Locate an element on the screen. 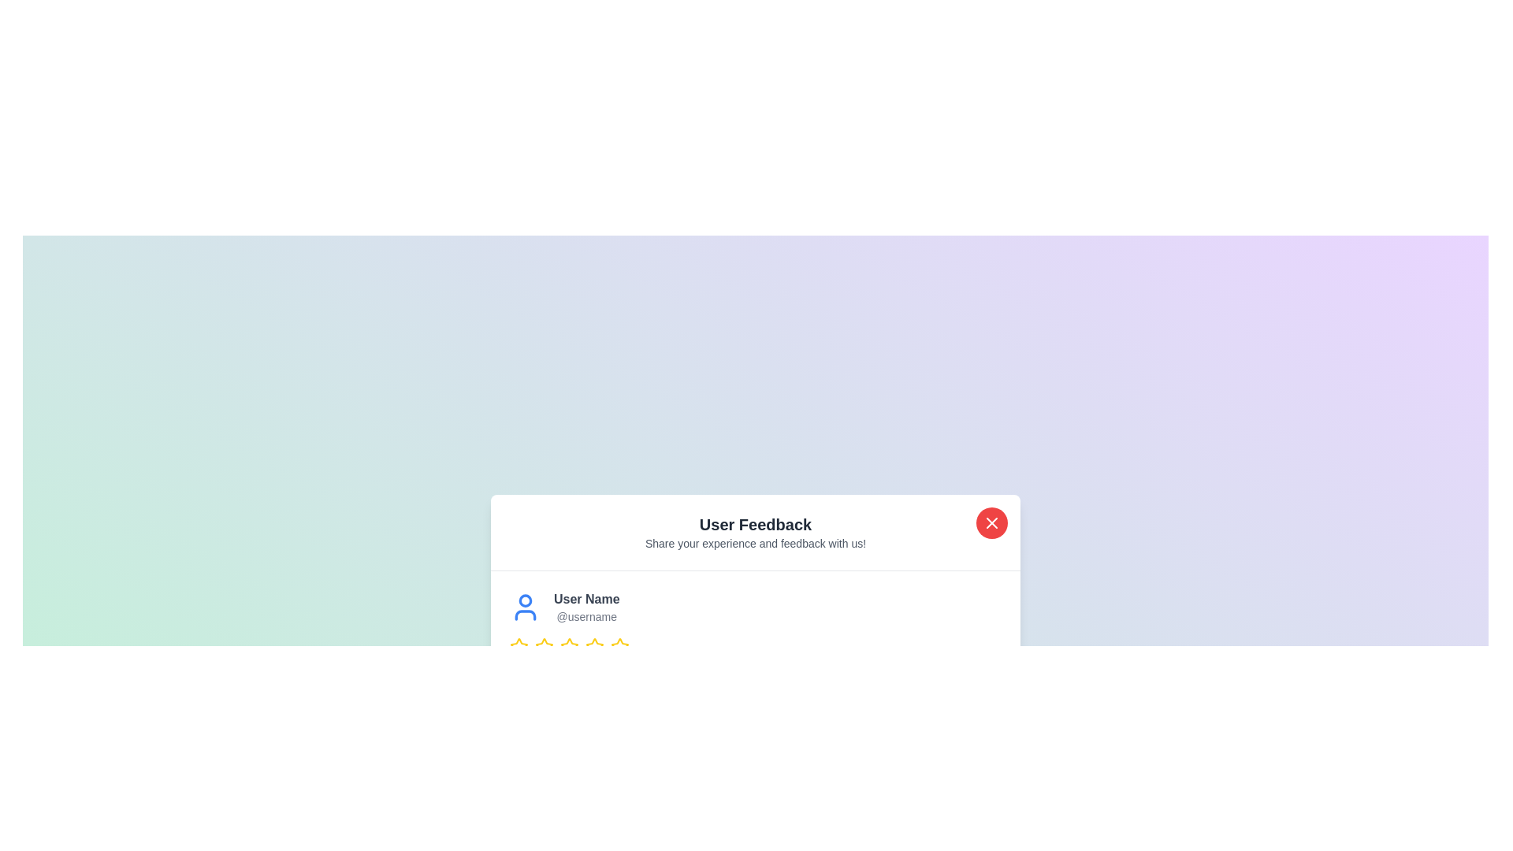  the Rating stars interface located below the username and user handle is located at coordinates (755, 646).